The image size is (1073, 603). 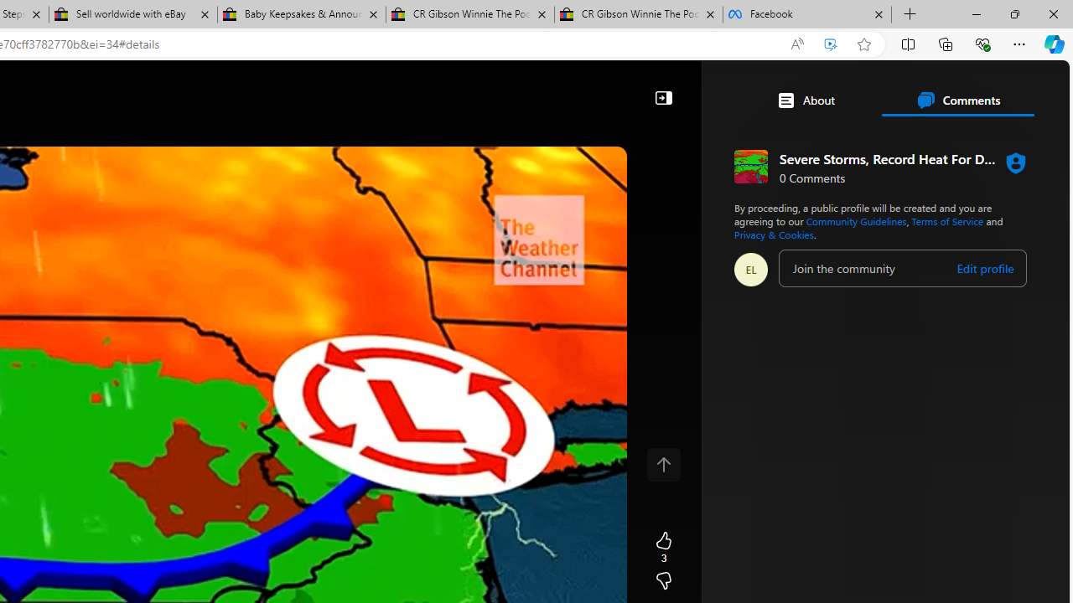 I want to click on 'Baby Keepsakes & Announcements for sale | eBay', so click(x=301, y=14).